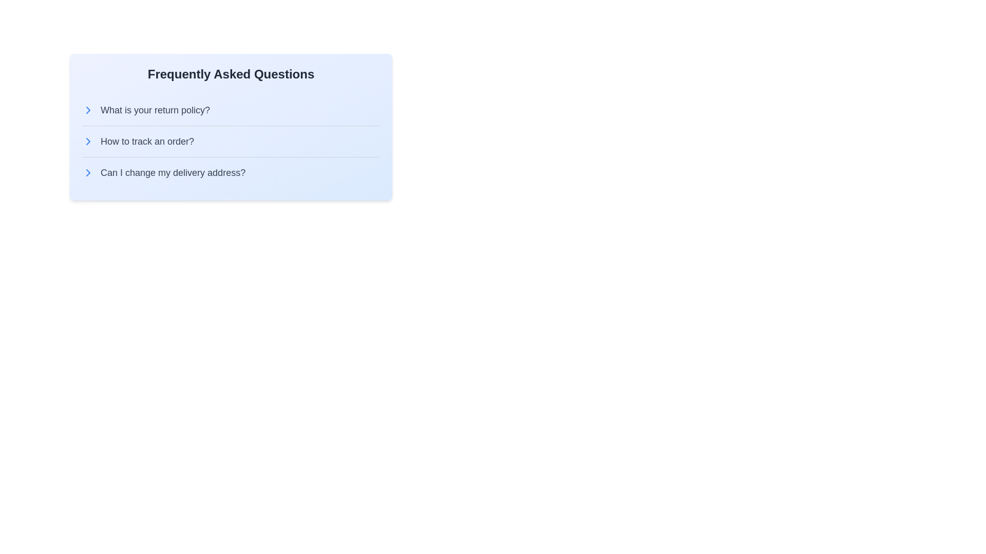  What do you see at coordinates (231, 172) in the screenshot?
I see `the interactive question button labeled 'Can I change my delivery address?'` at bounding box center [231, 172].